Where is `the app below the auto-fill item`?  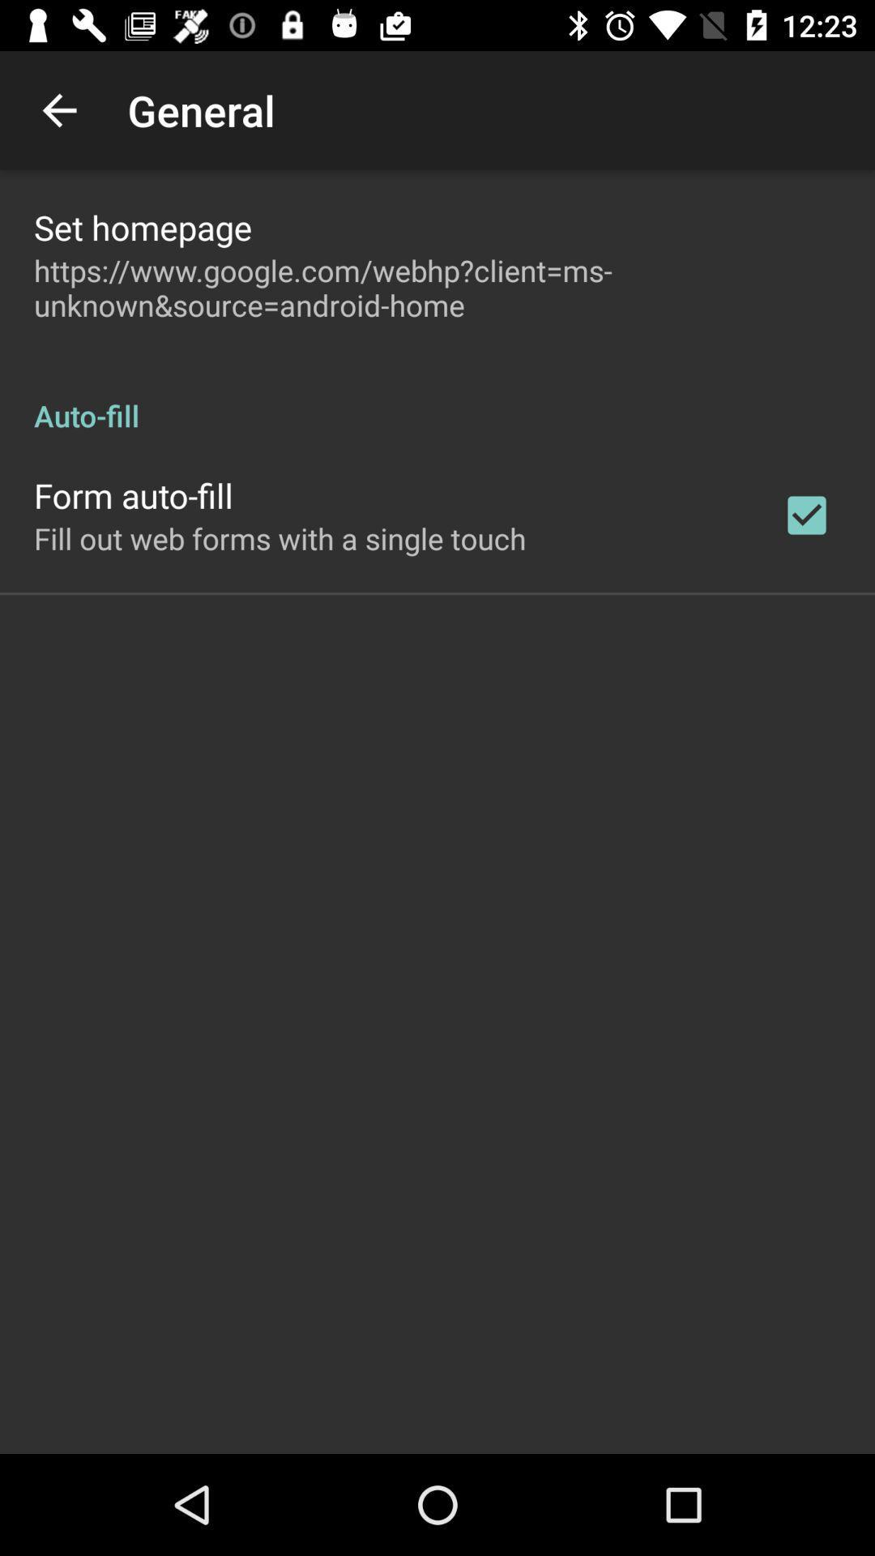 the app below the auto-fill item is located at coordinates (806, 514).